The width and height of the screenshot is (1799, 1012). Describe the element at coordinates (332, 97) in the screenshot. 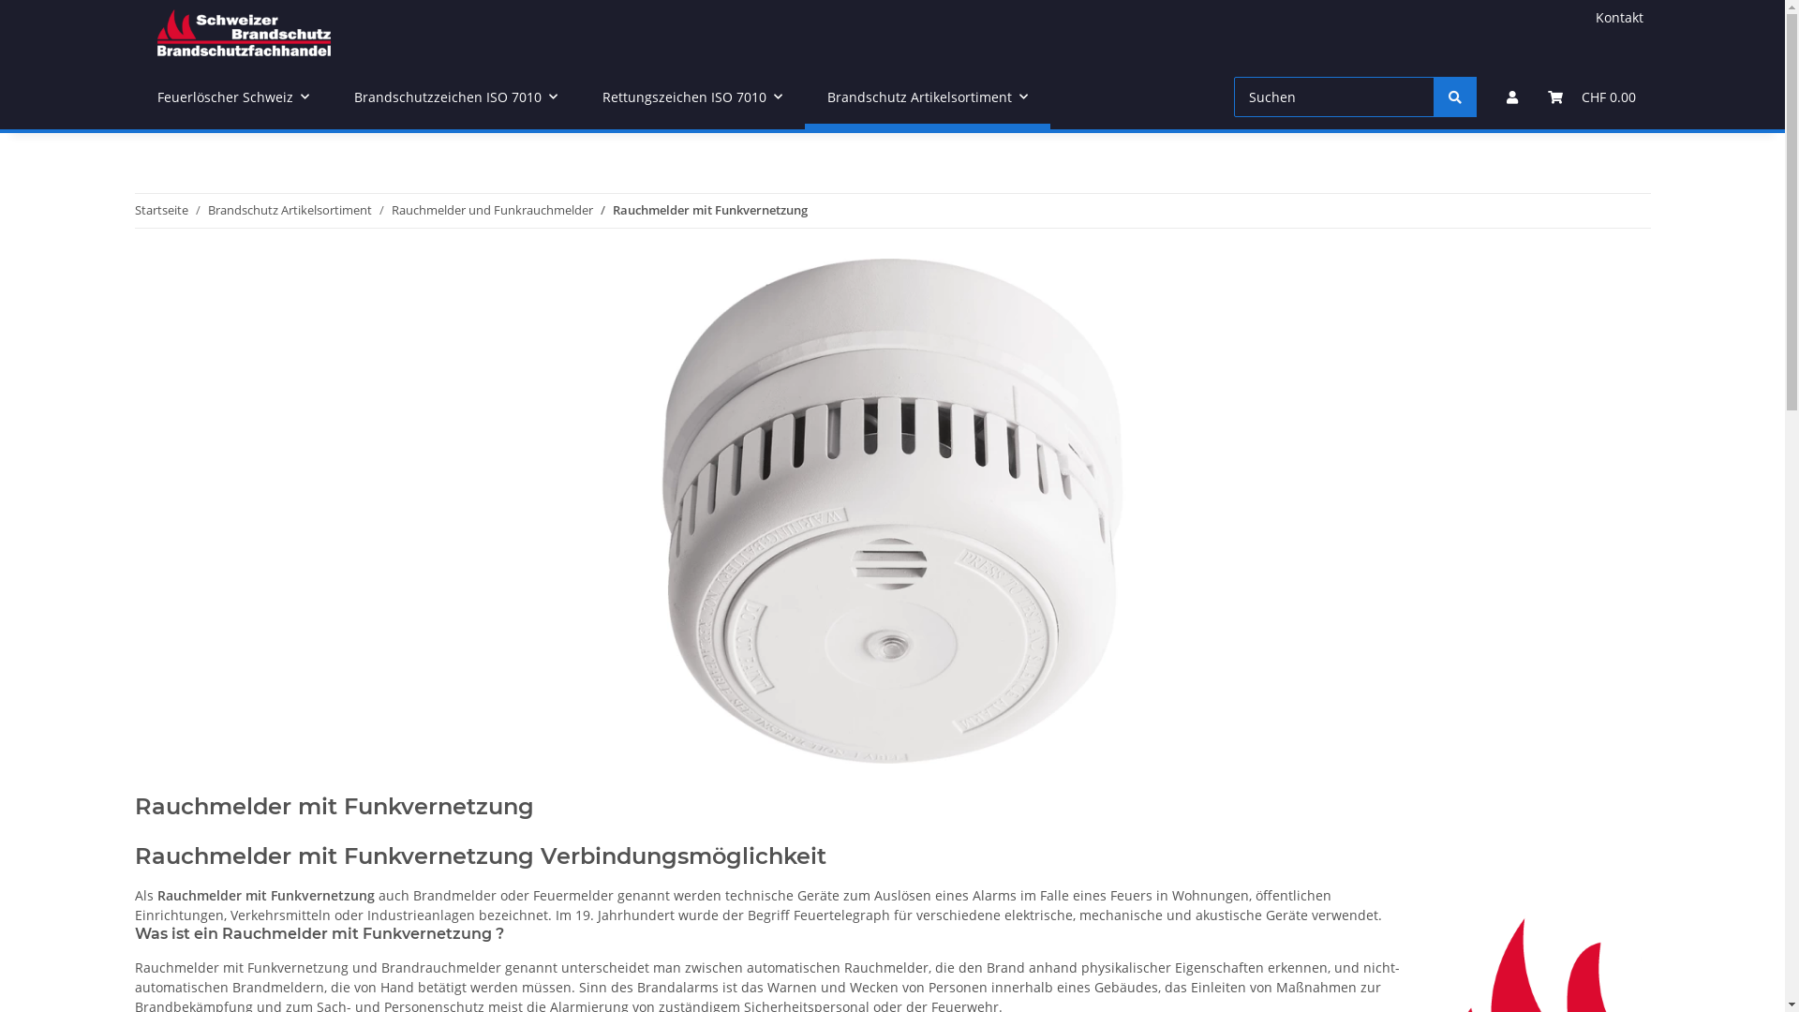

I see `'Brandschutzzeichen ISO 7010'` at that location.